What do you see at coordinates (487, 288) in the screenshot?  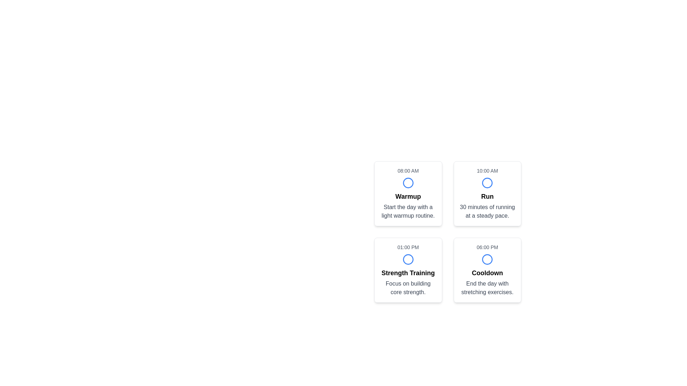 I see `the text element that says 'End the day with stretching exercises.' located in the 'Cooldown' card, positioned beneath the title 'Cooldown' and the time '06:00 PM'` at bounding box center [487, 288].